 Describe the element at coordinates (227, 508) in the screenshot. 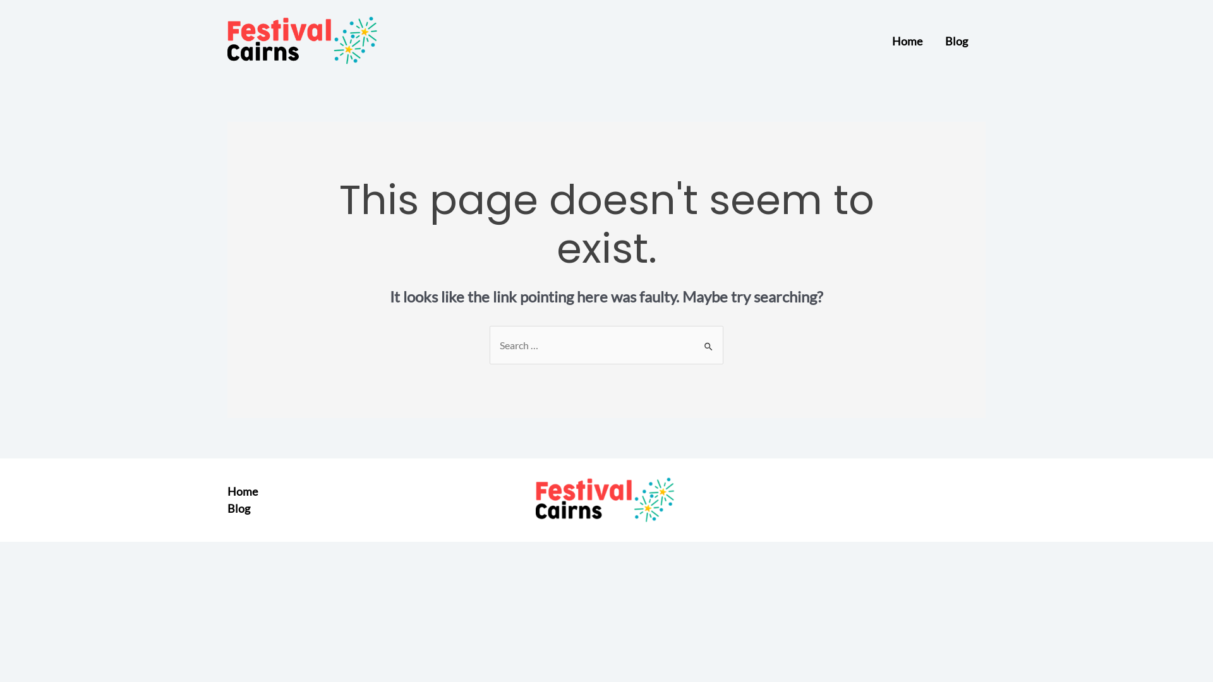

I see `'Blog'` at that location.